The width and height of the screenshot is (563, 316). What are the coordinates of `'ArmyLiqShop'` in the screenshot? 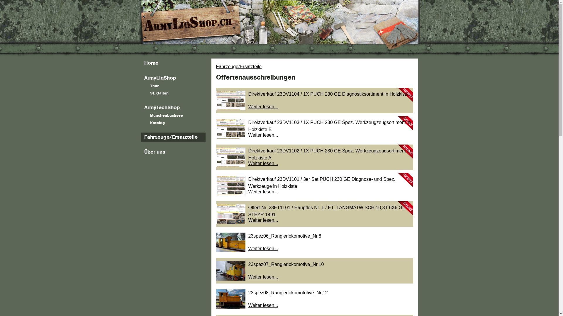 It's located at (173, 78).